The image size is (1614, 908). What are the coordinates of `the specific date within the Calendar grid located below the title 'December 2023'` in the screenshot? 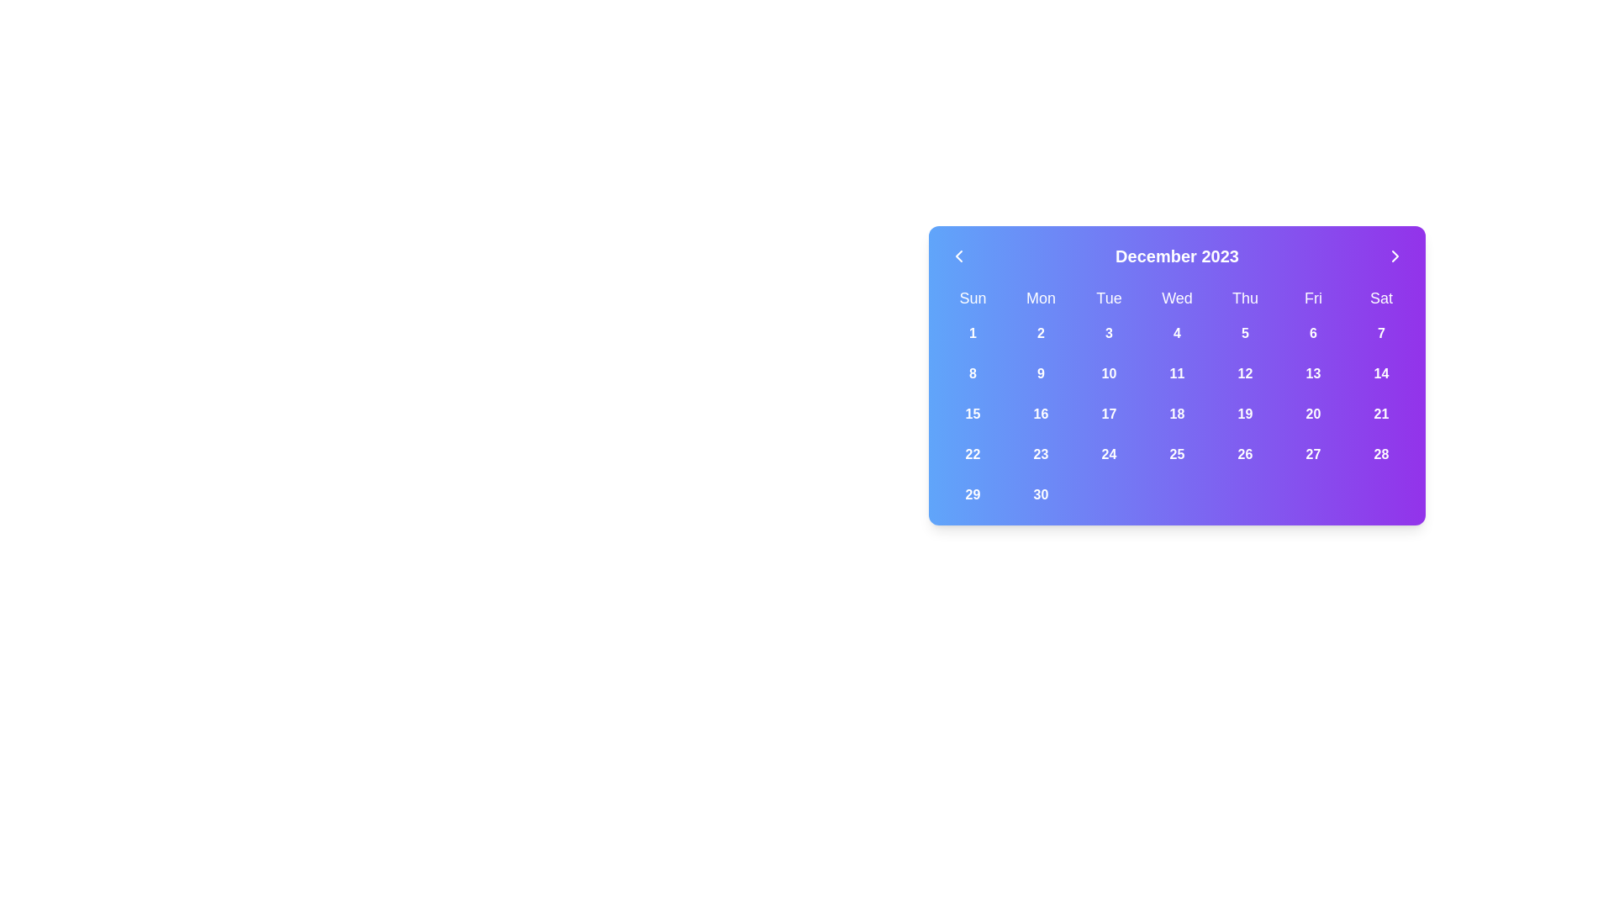 It's located at (1176, 399).